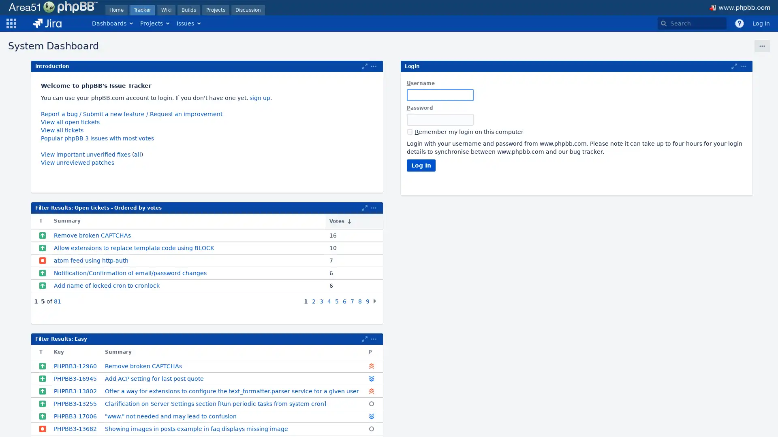  What do you see at coordinates (421, 165) in the screenshot?
I see `Log In` at bounding box center [421, 165].